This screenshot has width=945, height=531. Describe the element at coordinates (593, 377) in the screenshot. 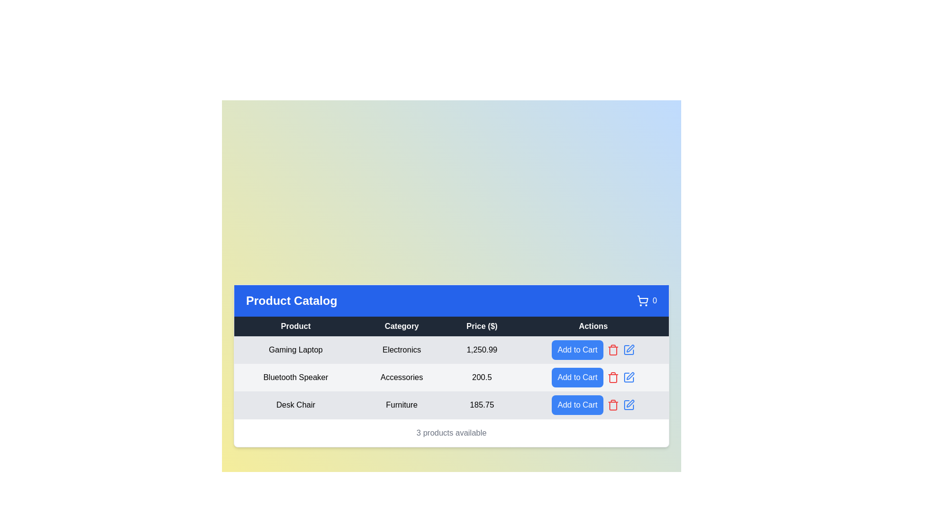

I see `the 'Add to Cart' button with a blue background and white text in the Actions column of the Bluetooth Speaker product` at that location.